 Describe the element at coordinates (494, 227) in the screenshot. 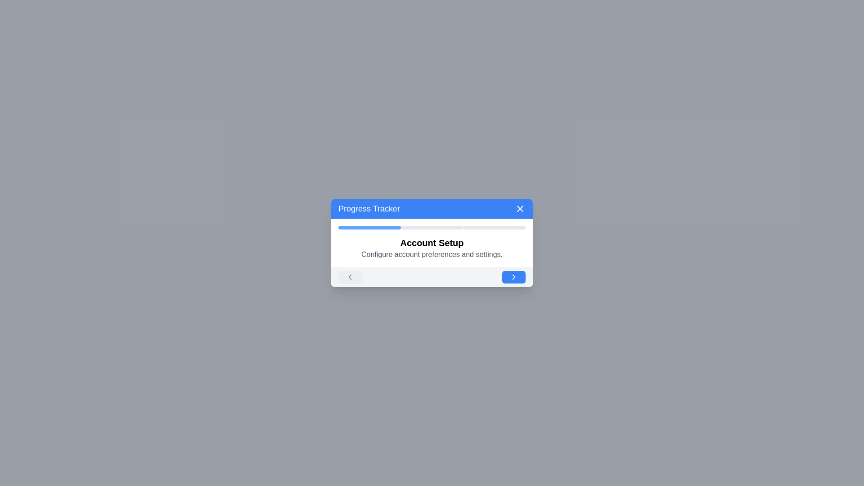

I see `the third segment of the progress bar, which has a light gray background and rounded edges, located towards the right side of the bar group` at that location.